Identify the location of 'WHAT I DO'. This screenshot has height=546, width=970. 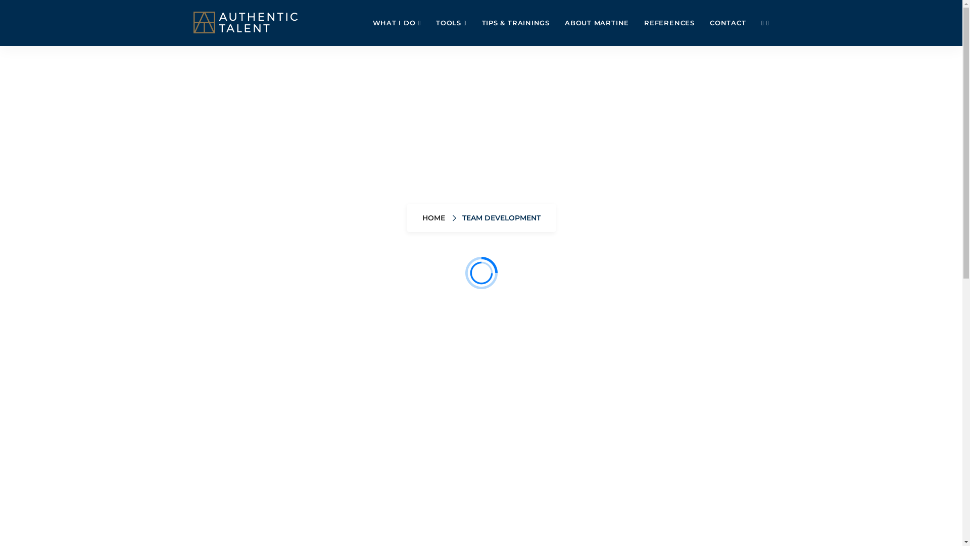
(397, 23).